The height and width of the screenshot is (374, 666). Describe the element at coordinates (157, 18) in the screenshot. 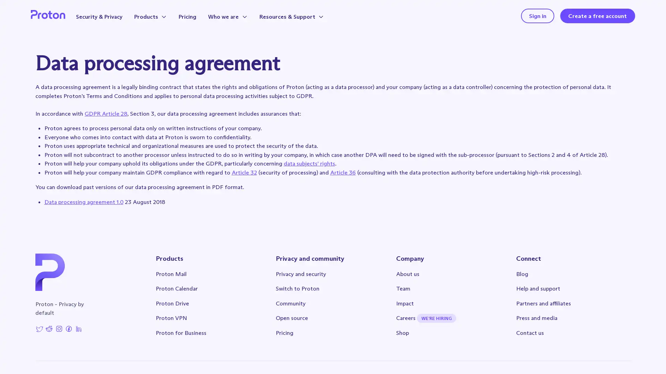

I see `Products` at that location.